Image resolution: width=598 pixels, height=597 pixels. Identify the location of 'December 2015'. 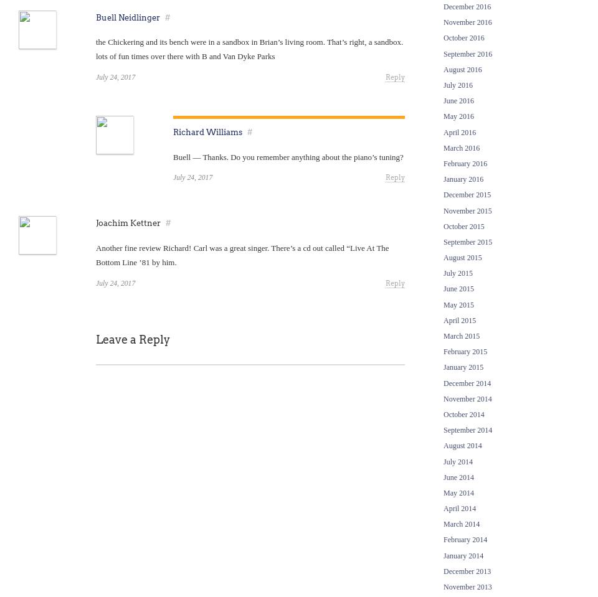
(466, 194).